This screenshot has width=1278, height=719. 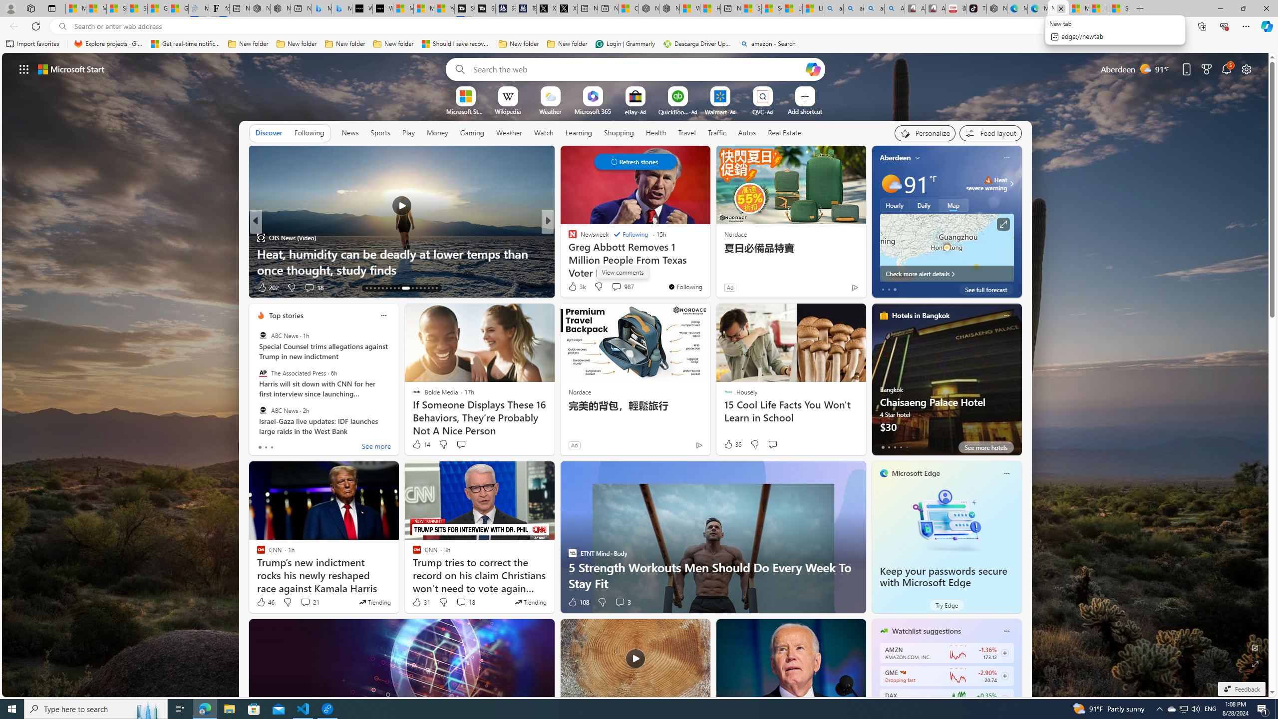 What do you see at coordinates (601, 602) in the screenshot?
I see `'Dislike'` at bounding box center [601, 602].